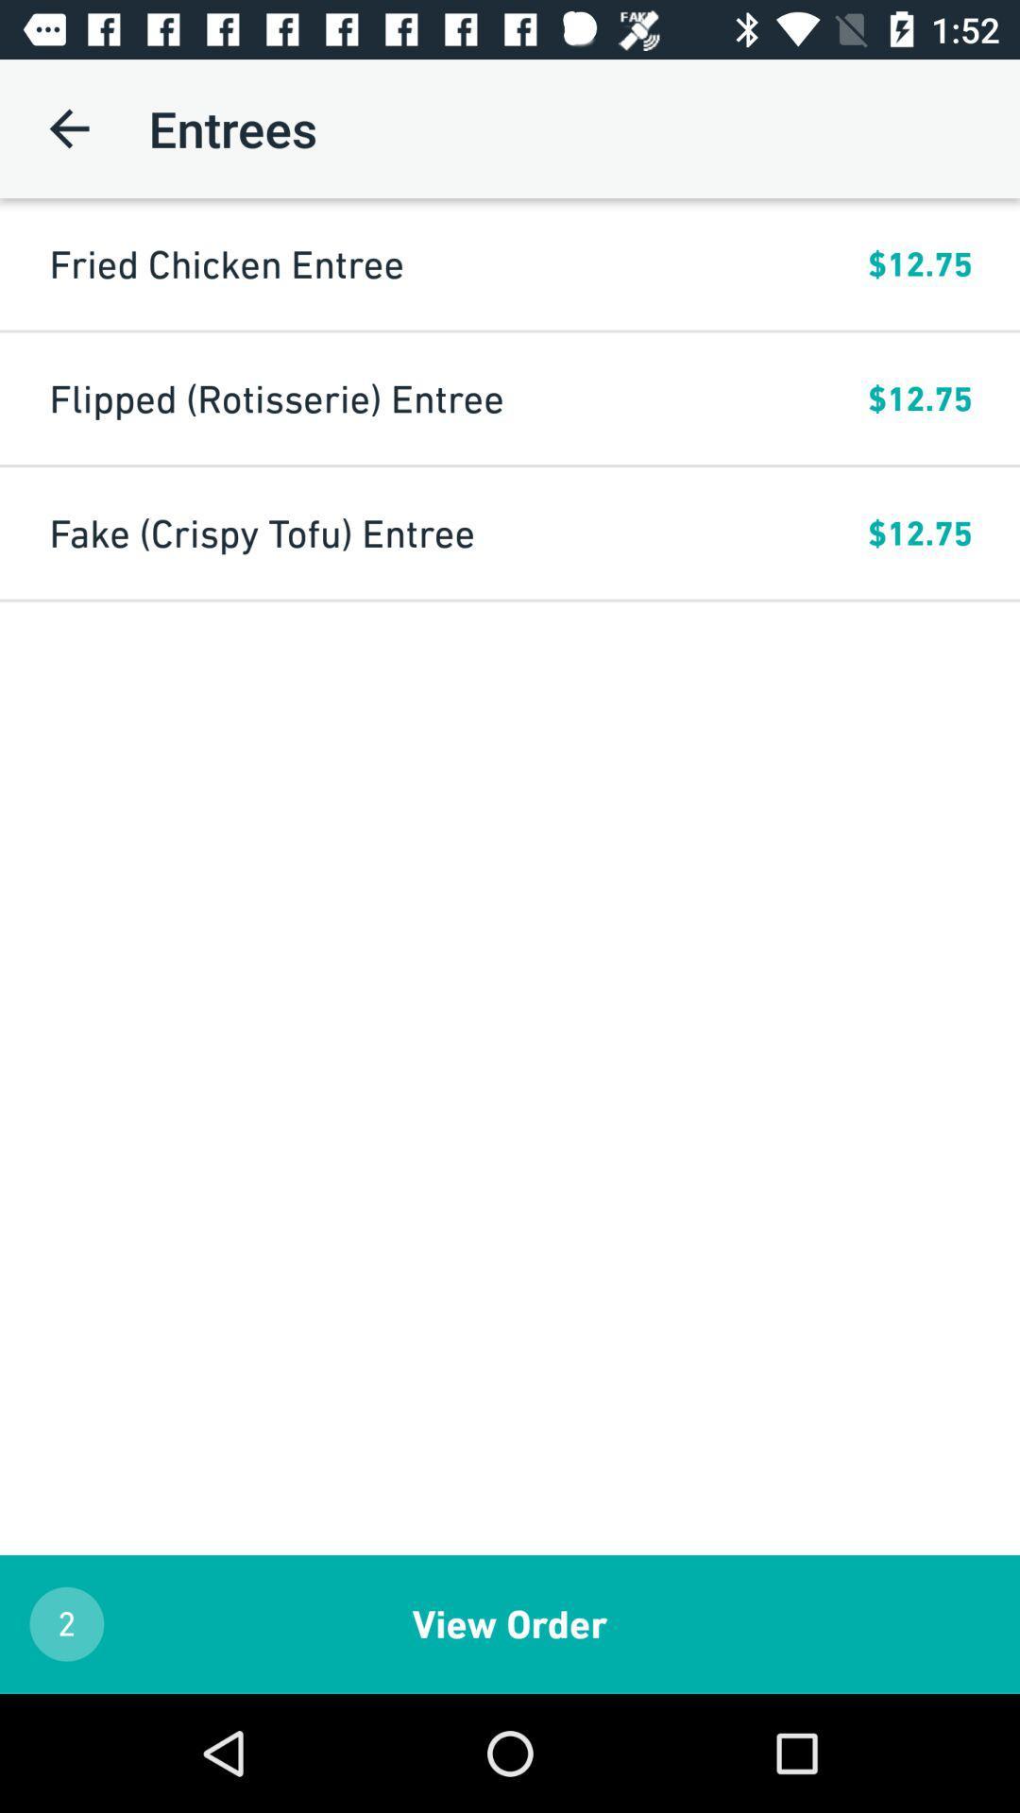 The image size is (1020, 1813). I want to click on icon above the fried chicken entree icon, so click(68, 127).